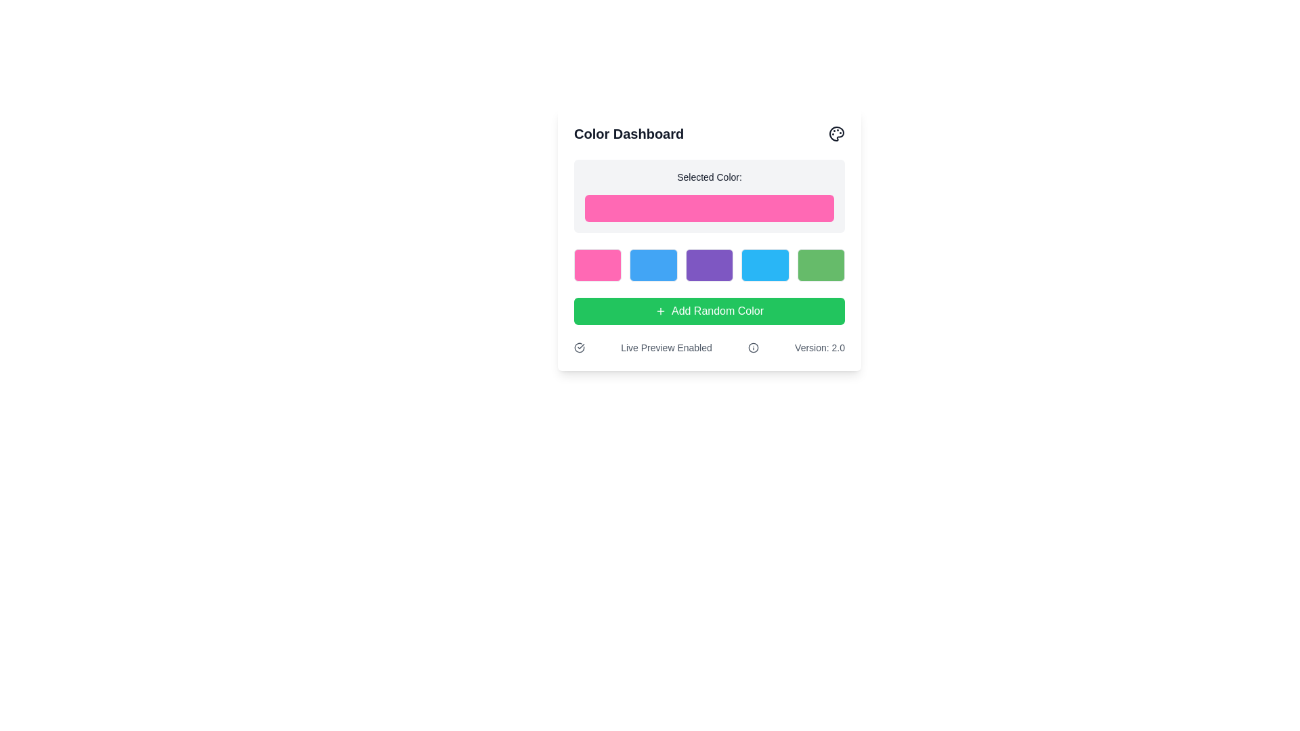  What do you see at coordinates (708, 177) in the screenshot?
I see `text label that describes the currently selected color, located above the color display rectangle in the central area of the dashboard` at bounding box center [708, 177].